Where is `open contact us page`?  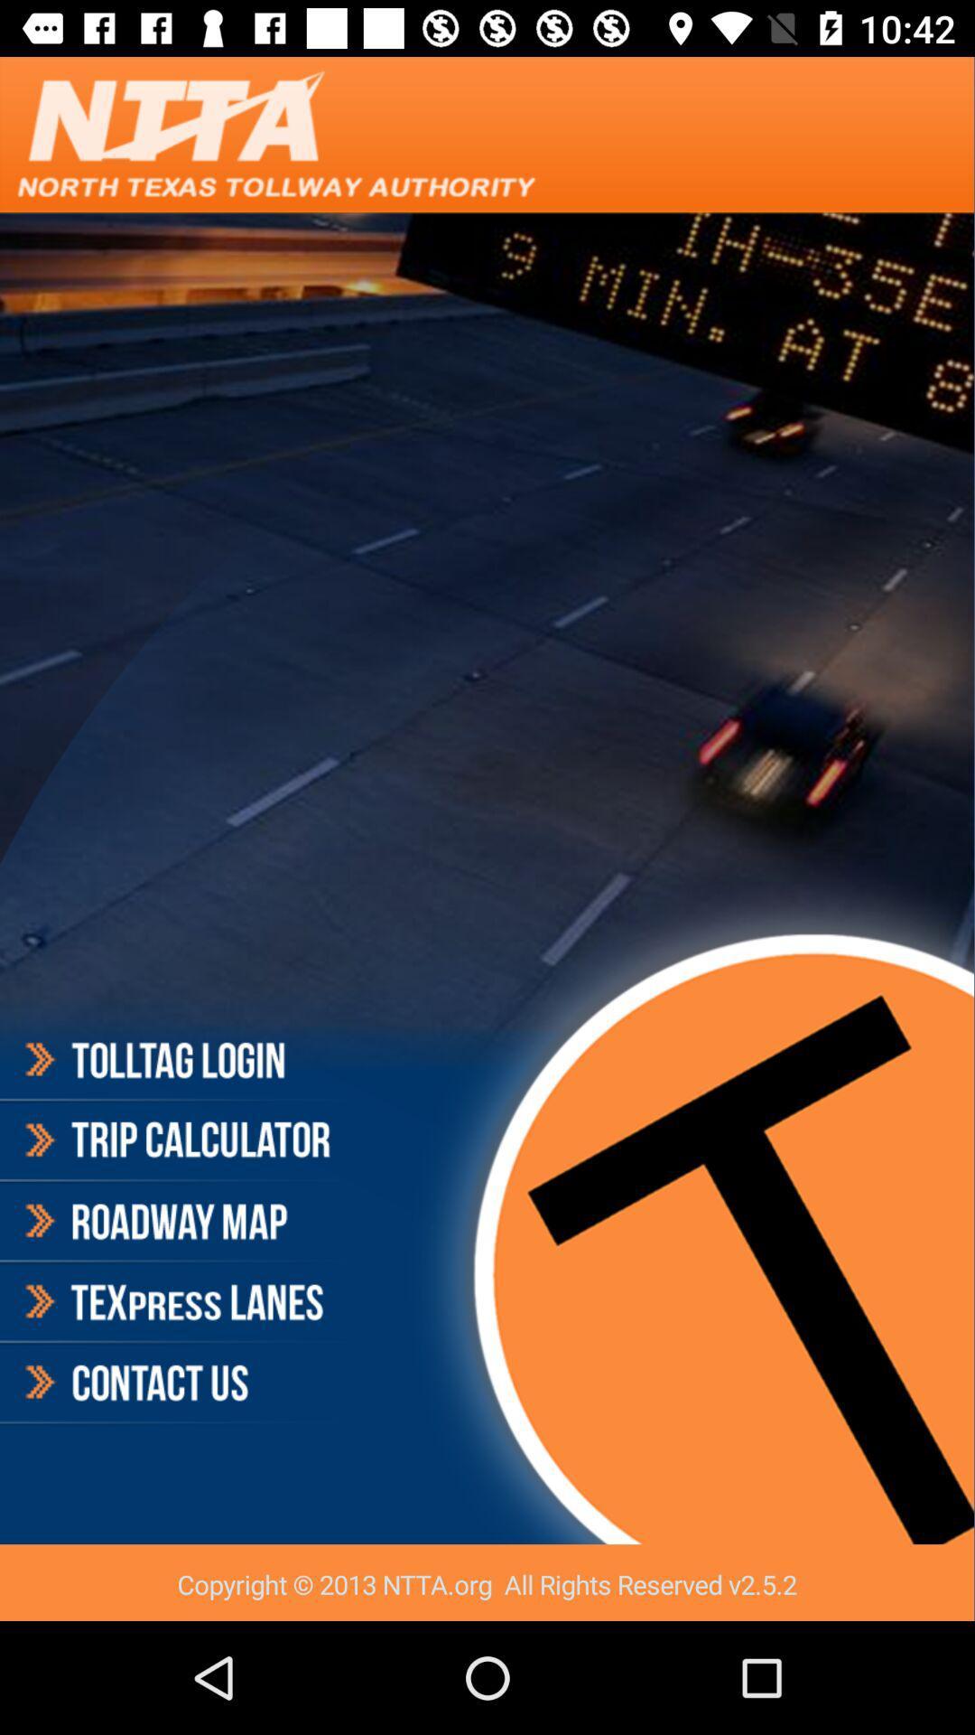 open contact us page is located at coordinates (175, 1382).